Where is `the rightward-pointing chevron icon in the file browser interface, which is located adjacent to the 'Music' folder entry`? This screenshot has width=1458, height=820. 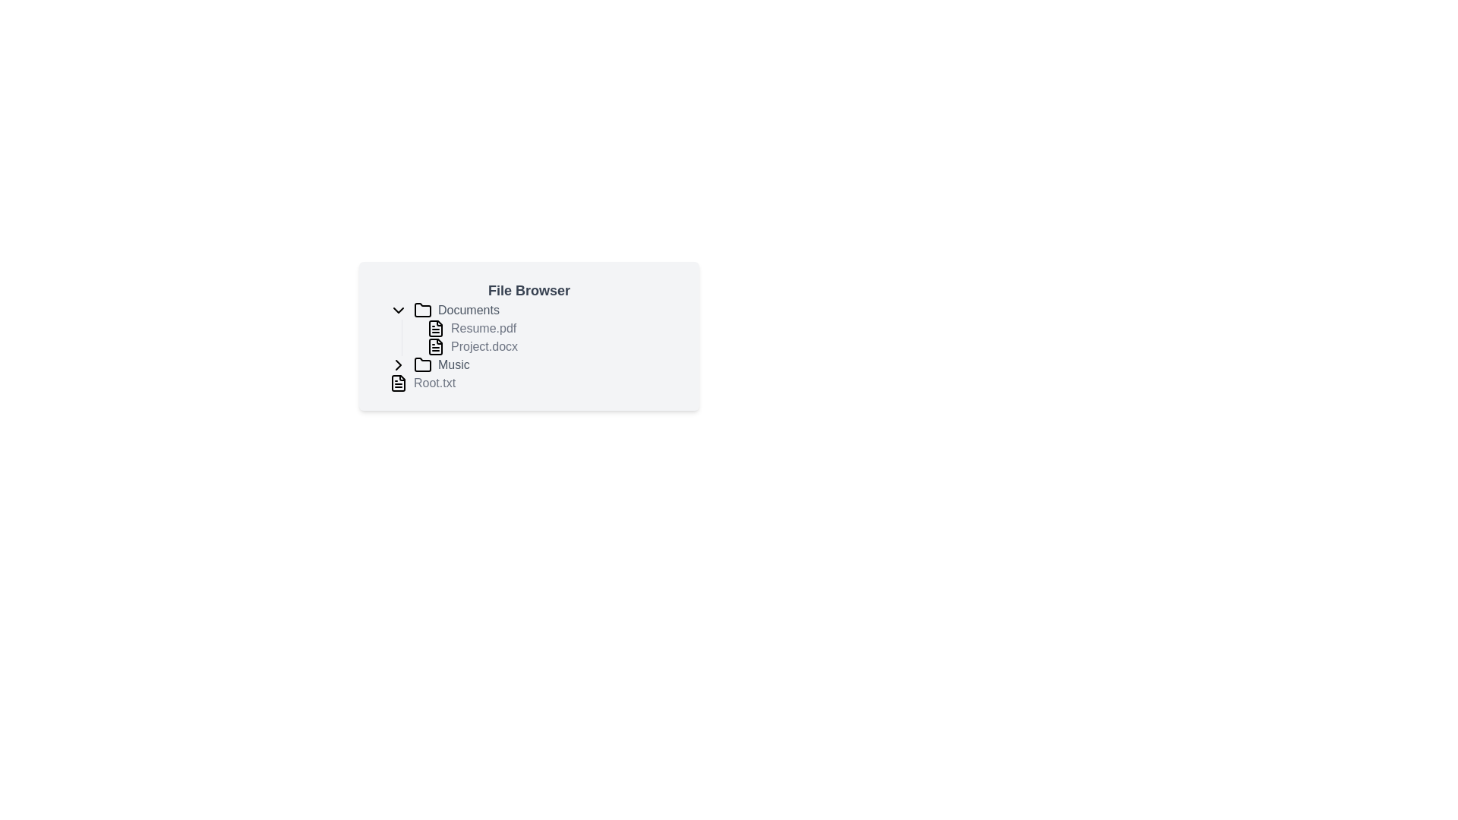
the rightward-pointing chevron icon in the file browser interface, which is located adjacent to the 'Music' folder entry is located at coordinates (398, 365).